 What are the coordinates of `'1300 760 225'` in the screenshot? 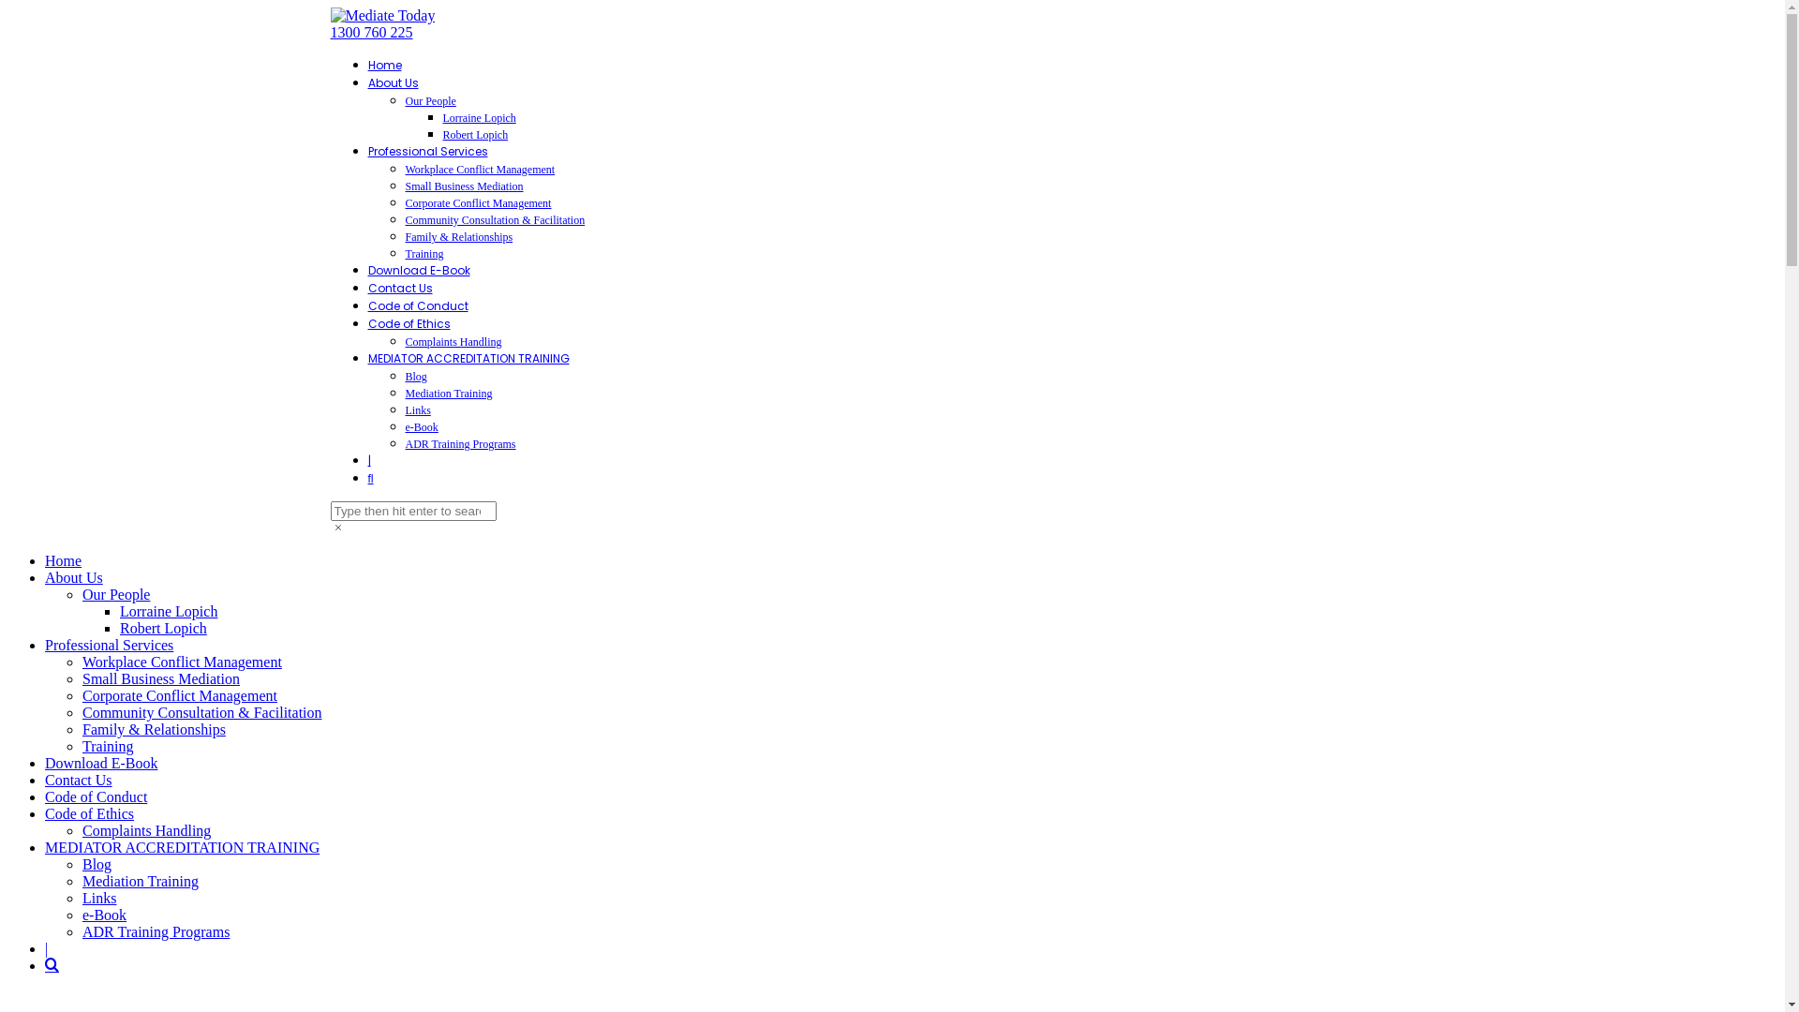 It's located at (370, 32).